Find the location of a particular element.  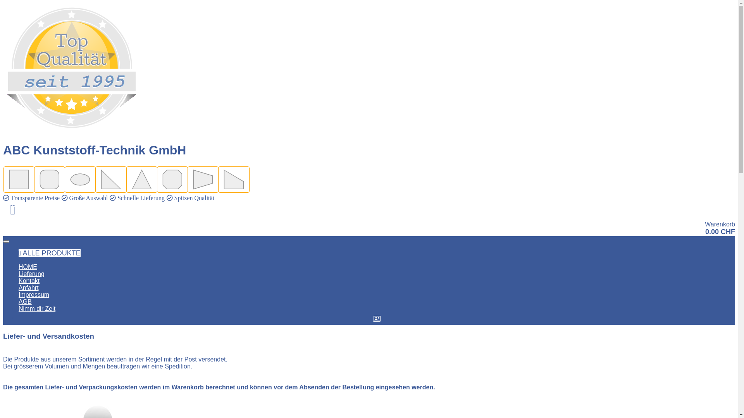

'Kontakt' is located at coordinates (29, 281).